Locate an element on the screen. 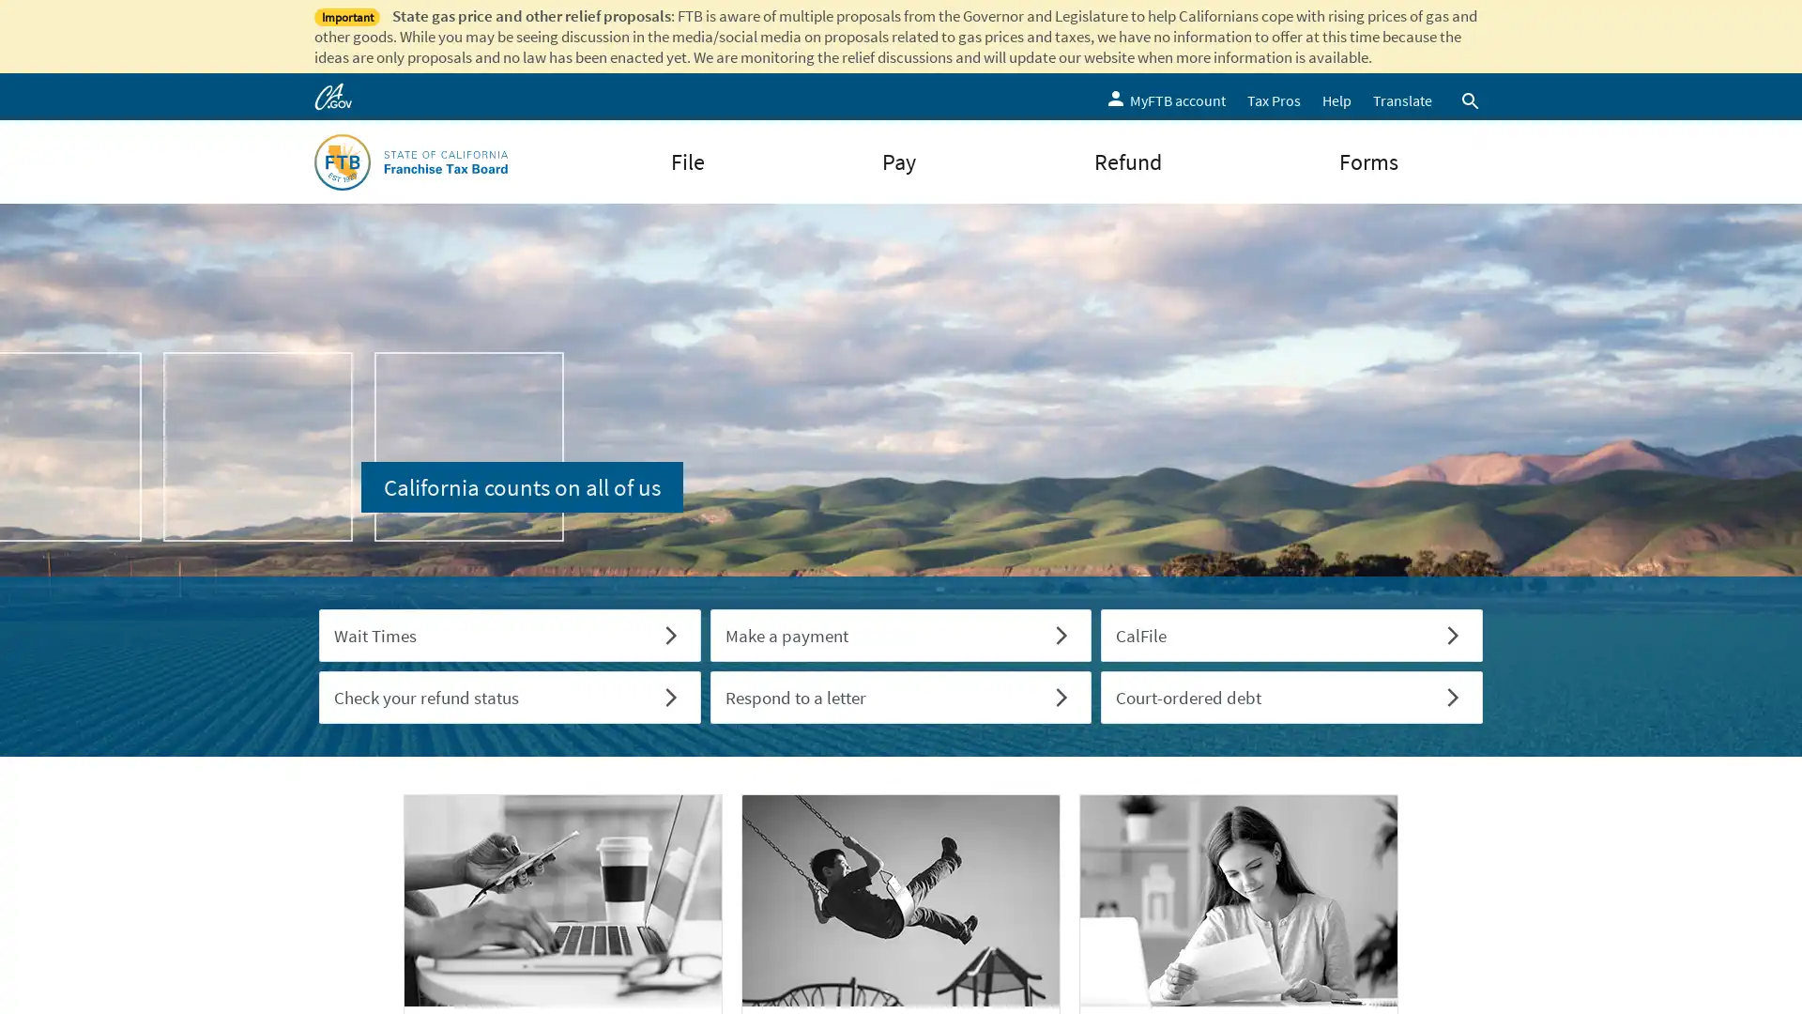 The height and width of the screenshot is (1014, 1802). Close Search is located at coordinates (1463, 223).